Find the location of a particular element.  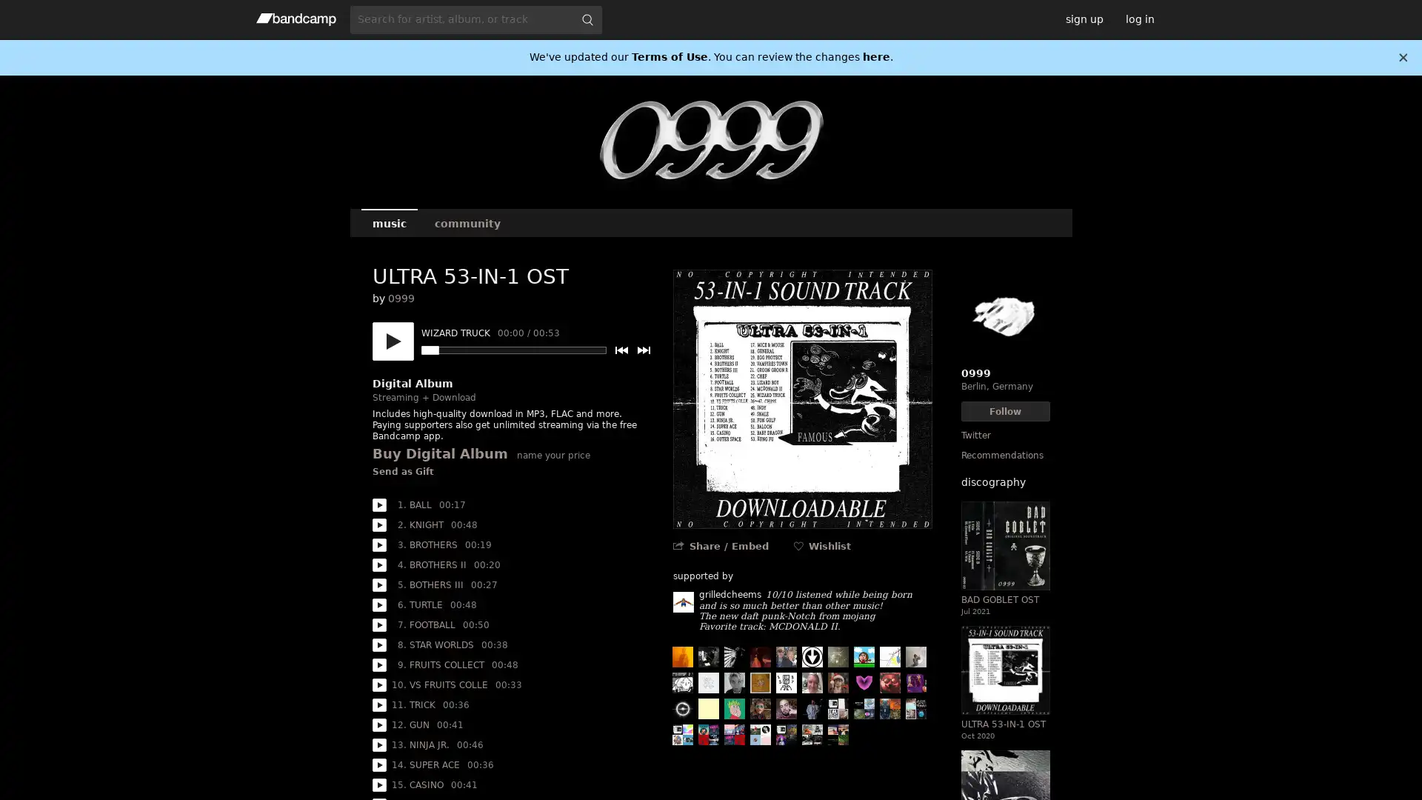

Send as Gift is located at coordinates (402, 472).